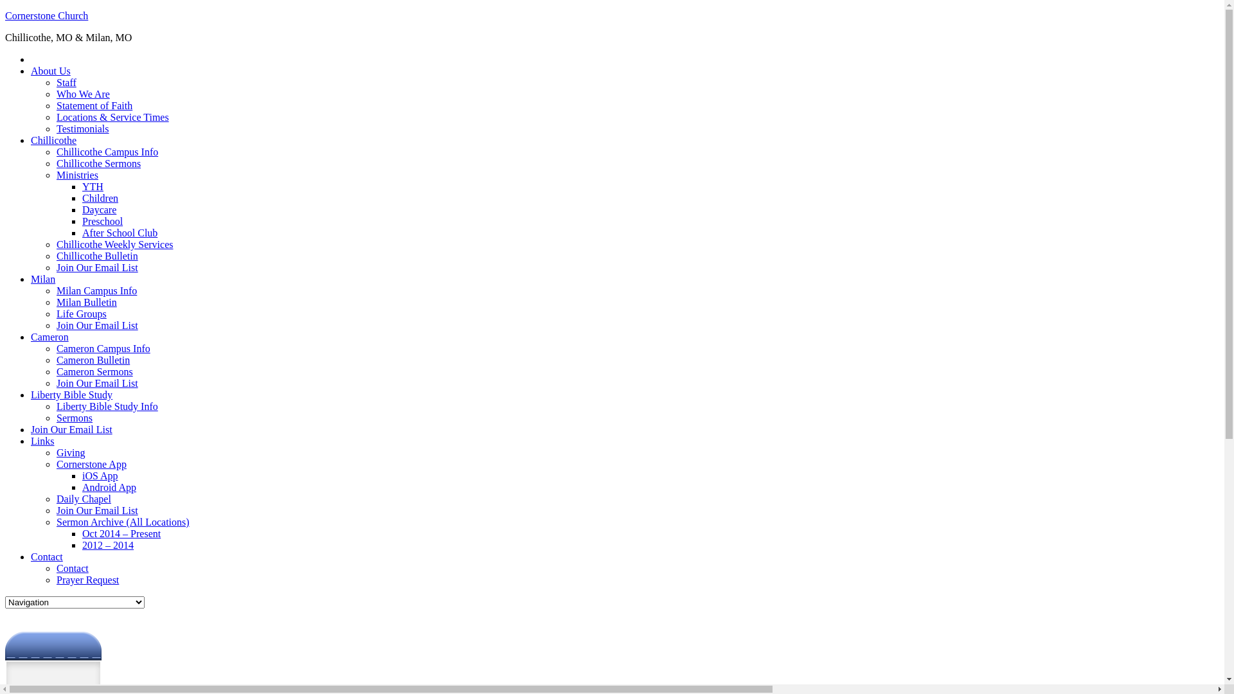 The height and width of the screenshot is (694, 1234). What do you see at coordinates (120, 233) in the screenshot?
I see `'After School Club'` at bounding box center [120, 233].